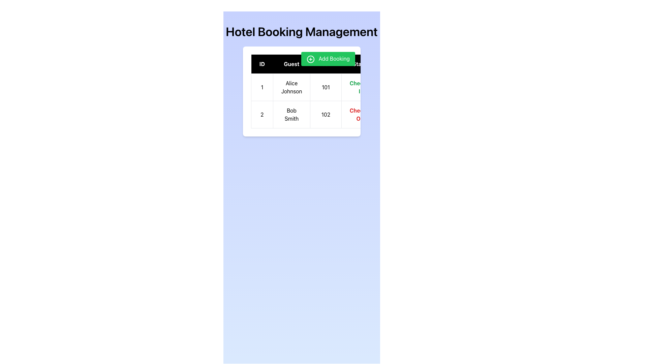 The width and height of the screenshot is (647, 364). What do you see at coordinates (261, 64) in the screenshot?
I see `the leftmost header cell representing the 'ID' column in the table for possible sorting action` at bounding box center [261, 64].